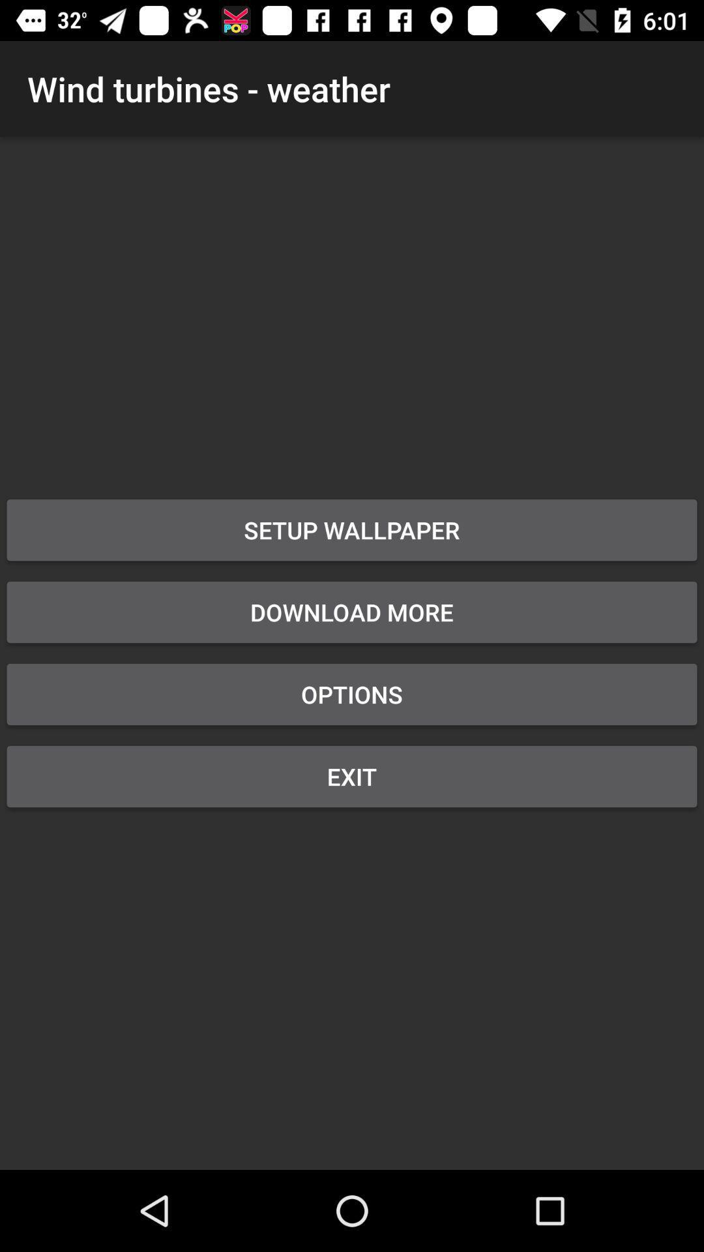 This screenshot has height=1252, width=704. Describe the element at coordinates (352, 776) in the screenshot. I see `the exit` at that location.